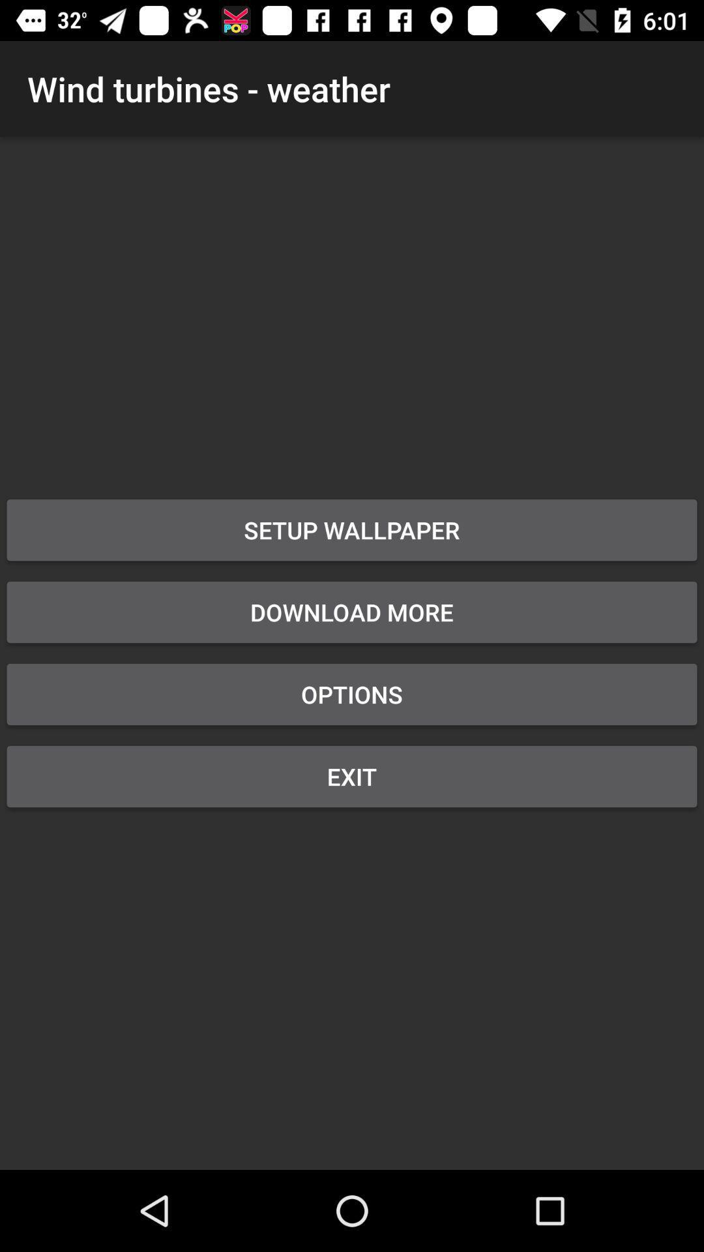 This screenshot has height=1252, width=704. Describe the element at coordinates (352, 776) in the screenshot. I see `the exit` at that location.